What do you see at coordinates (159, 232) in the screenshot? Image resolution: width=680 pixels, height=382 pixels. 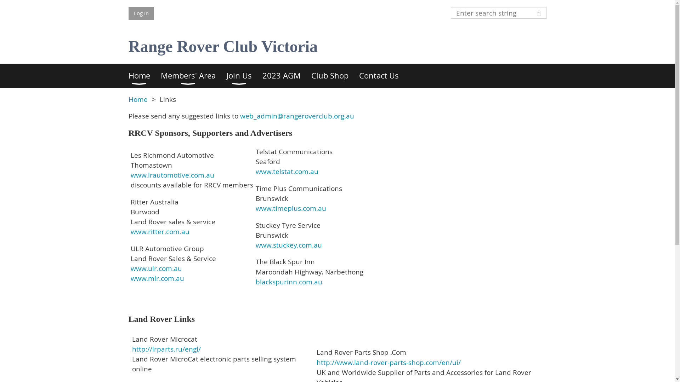 I see `'www.ritter.com.au'` at bounding box center [159, 232].